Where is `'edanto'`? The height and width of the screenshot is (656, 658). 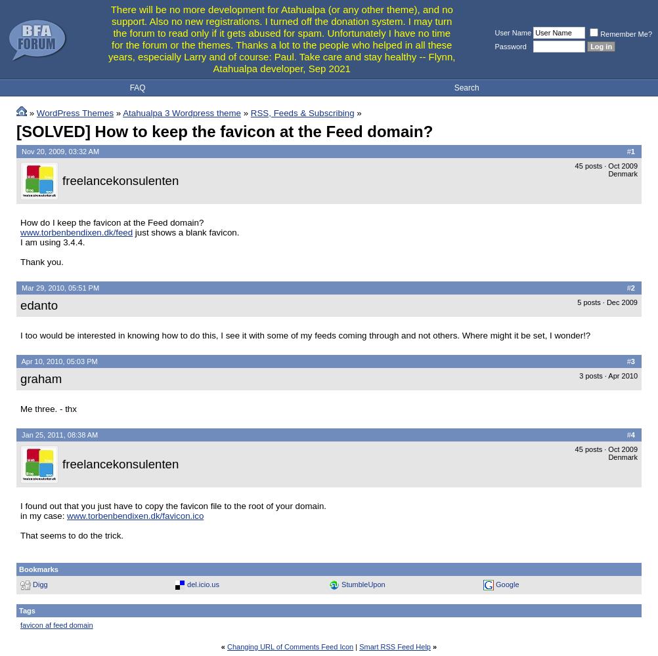
'edanto' is located at coordinates (39, 304).